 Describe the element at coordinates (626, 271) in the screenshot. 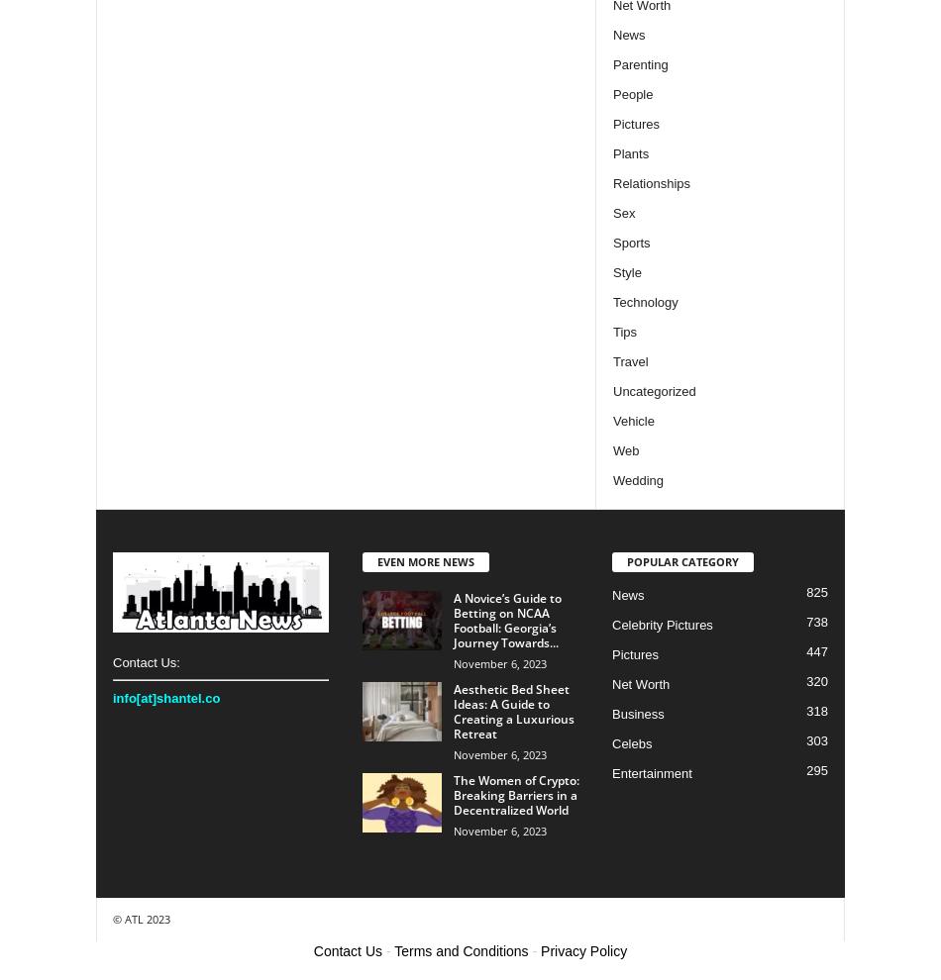

I see `'Style'` at that location.